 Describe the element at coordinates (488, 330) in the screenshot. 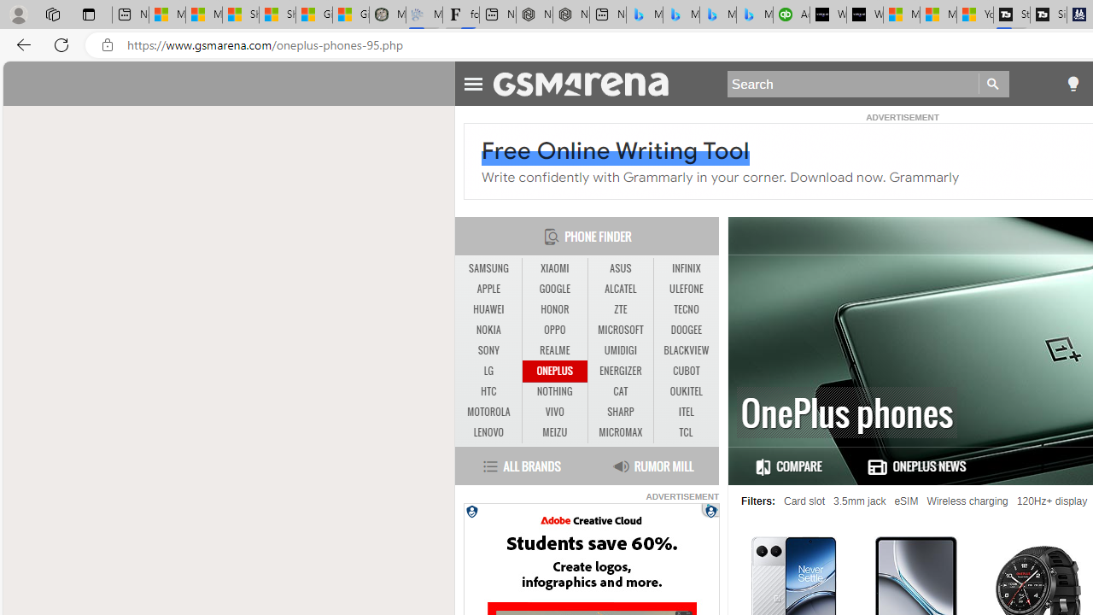

I see `'NOKIA'` at that location.